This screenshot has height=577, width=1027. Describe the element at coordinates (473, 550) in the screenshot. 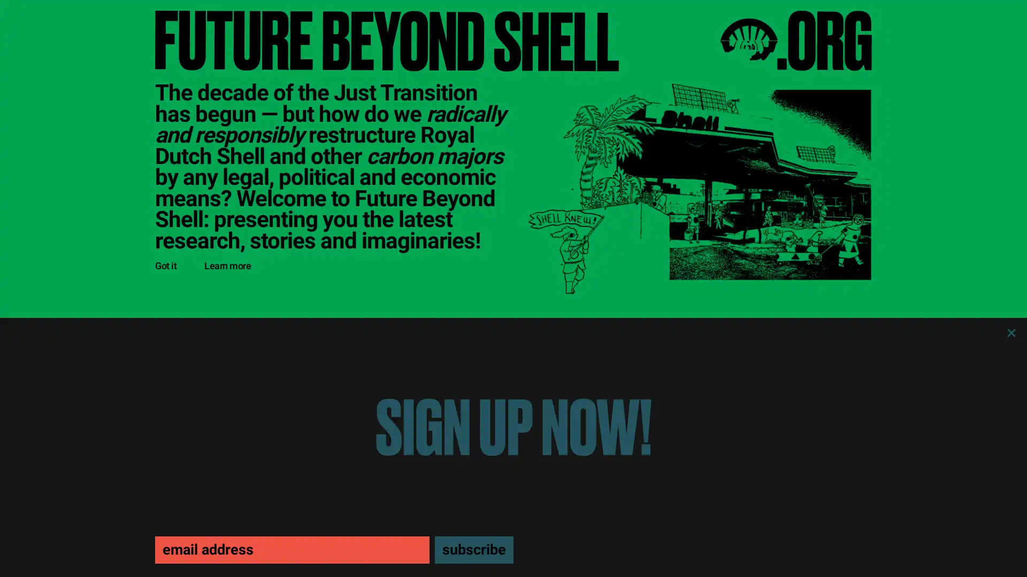

I see `subscribe` at that location.